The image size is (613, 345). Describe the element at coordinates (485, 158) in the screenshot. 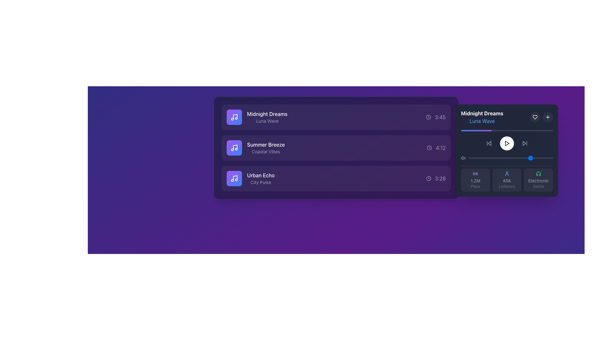

I see `the slider` at that location.